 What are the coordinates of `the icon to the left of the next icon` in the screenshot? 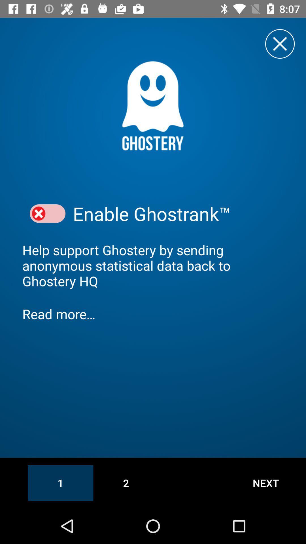 It's located at (126, 483).